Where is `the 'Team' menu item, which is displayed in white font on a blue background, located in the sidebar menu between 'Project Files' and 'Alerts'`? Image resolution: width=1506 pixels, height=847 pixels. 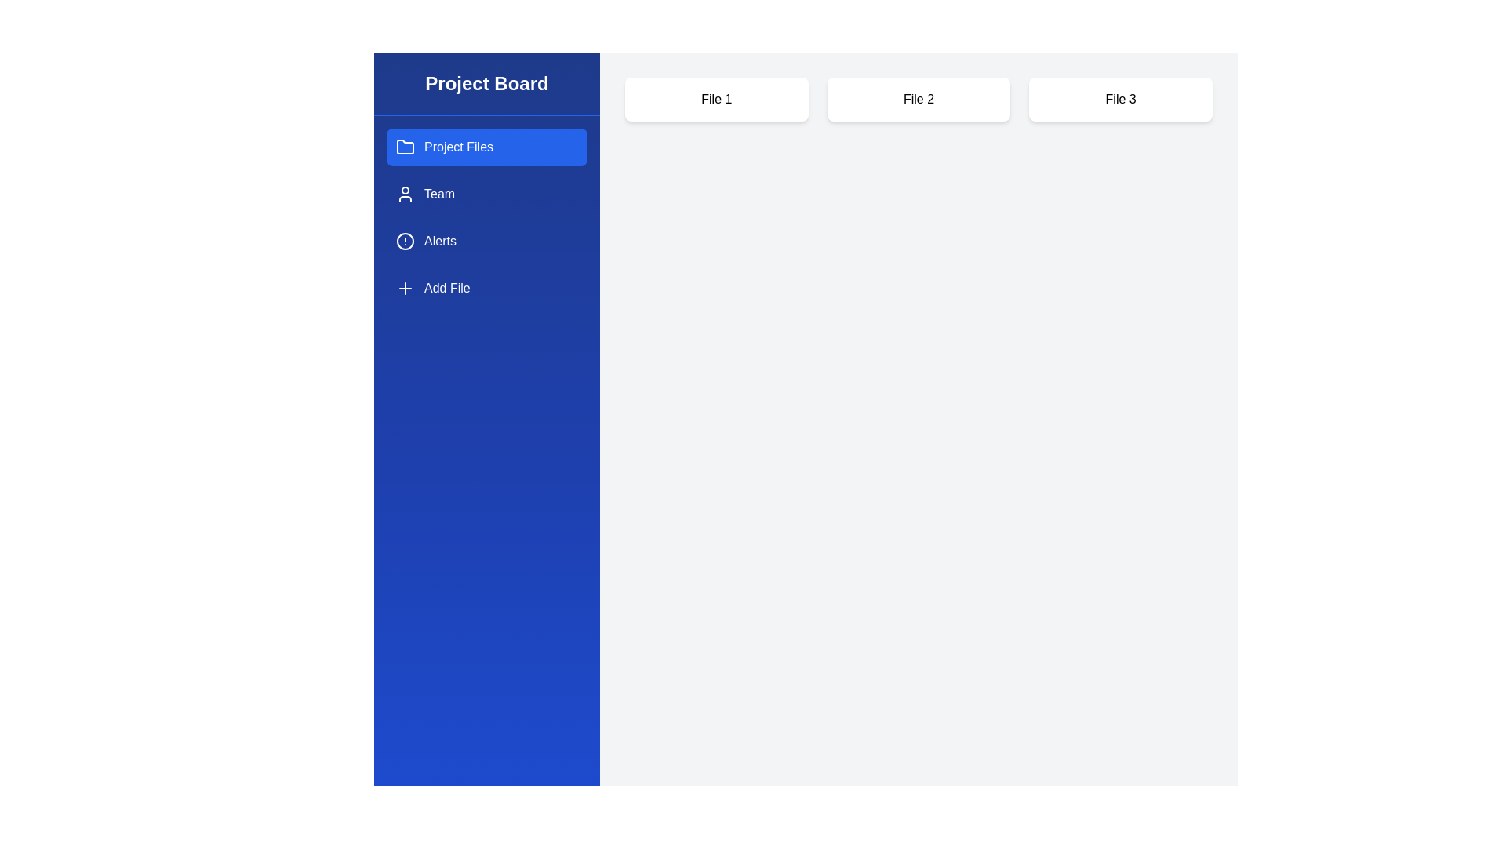
the 'Team' menu item, which is displayed in white font on a blue background, located in the sidebar menu between 'Project Files' and 'Alerts' is located at coordinates (439, 193).